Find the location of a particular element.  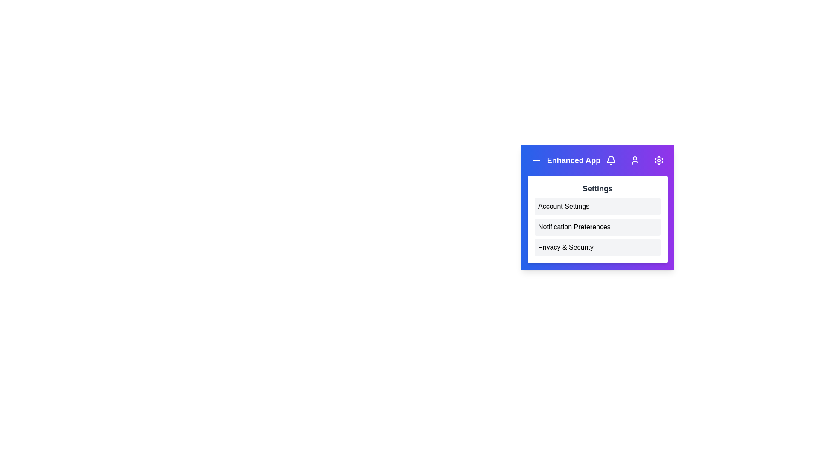

the notifications icon in the EnhancedAppBar is located at coordinates (610, 160).